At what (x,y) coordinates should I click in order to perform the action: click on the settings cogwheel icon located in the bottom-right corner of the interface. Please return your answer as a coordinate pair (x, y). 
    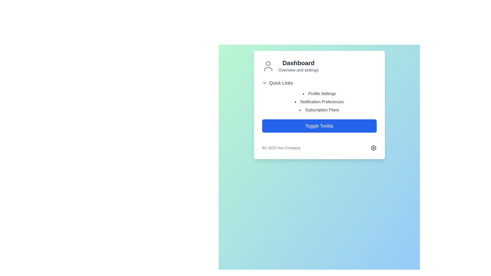
    Looking at the image, I should click on (373, 148).